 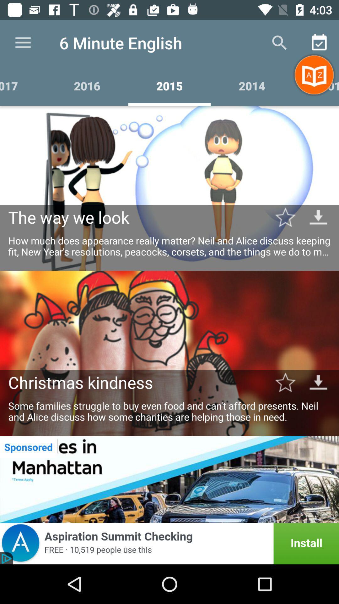 I want to click on button, so click(x=285, y=217).